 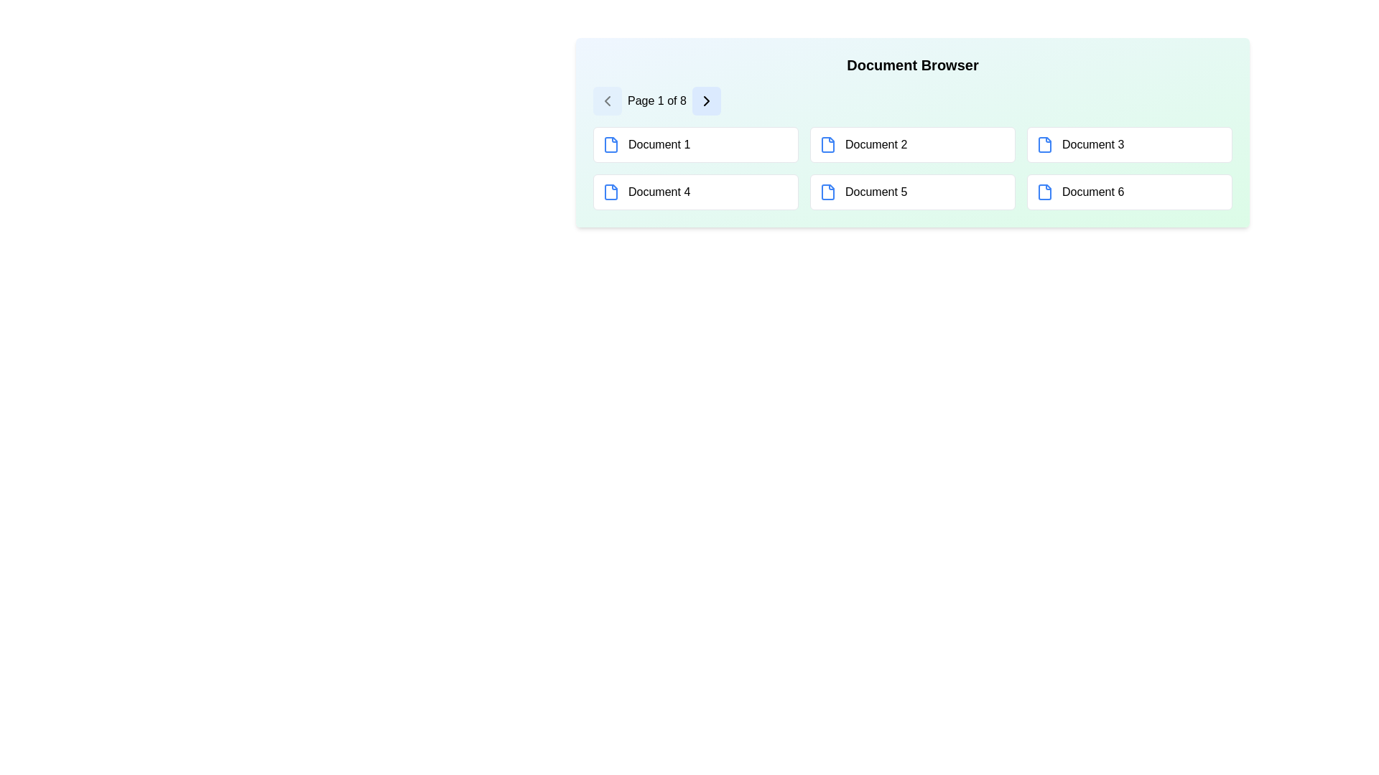 What do you see at coordinates (827, 191) in the screenshot?
I see `the small white and blue outlined file icon representing a document, located at the top-left corner of the 'Document 5' box` at bounding box center [827, 191].